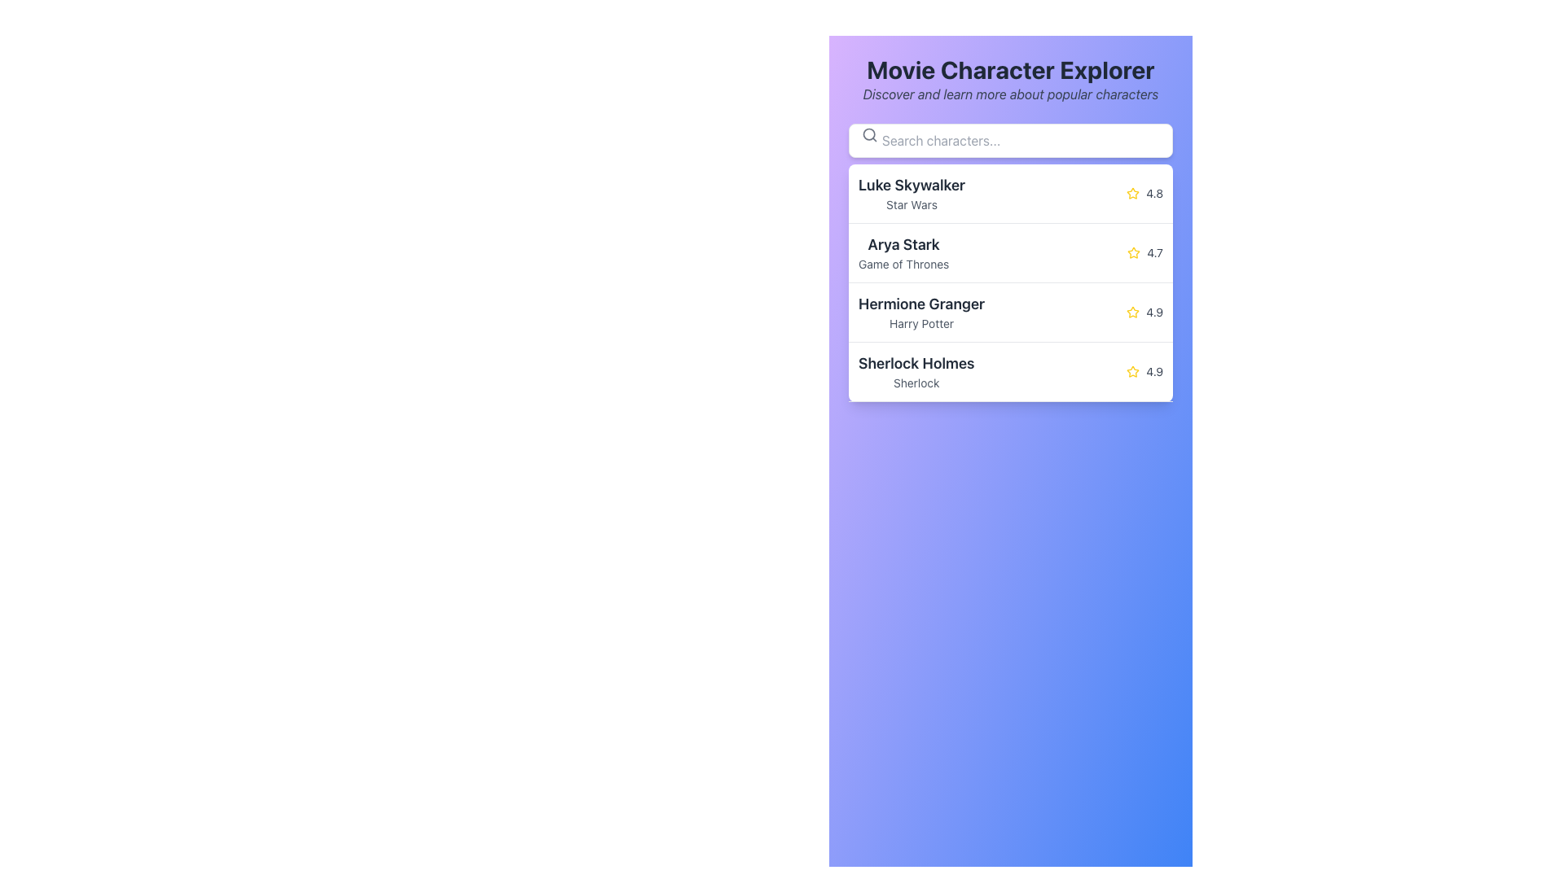 The height and width of the screenshot is (879, 1564). I want to click on the text label that reads 'Harry Potter', which is styled in a small, gray-colored font and positioned directly beneath 'Hermione Granger' in the third list item, so click(921, 323).